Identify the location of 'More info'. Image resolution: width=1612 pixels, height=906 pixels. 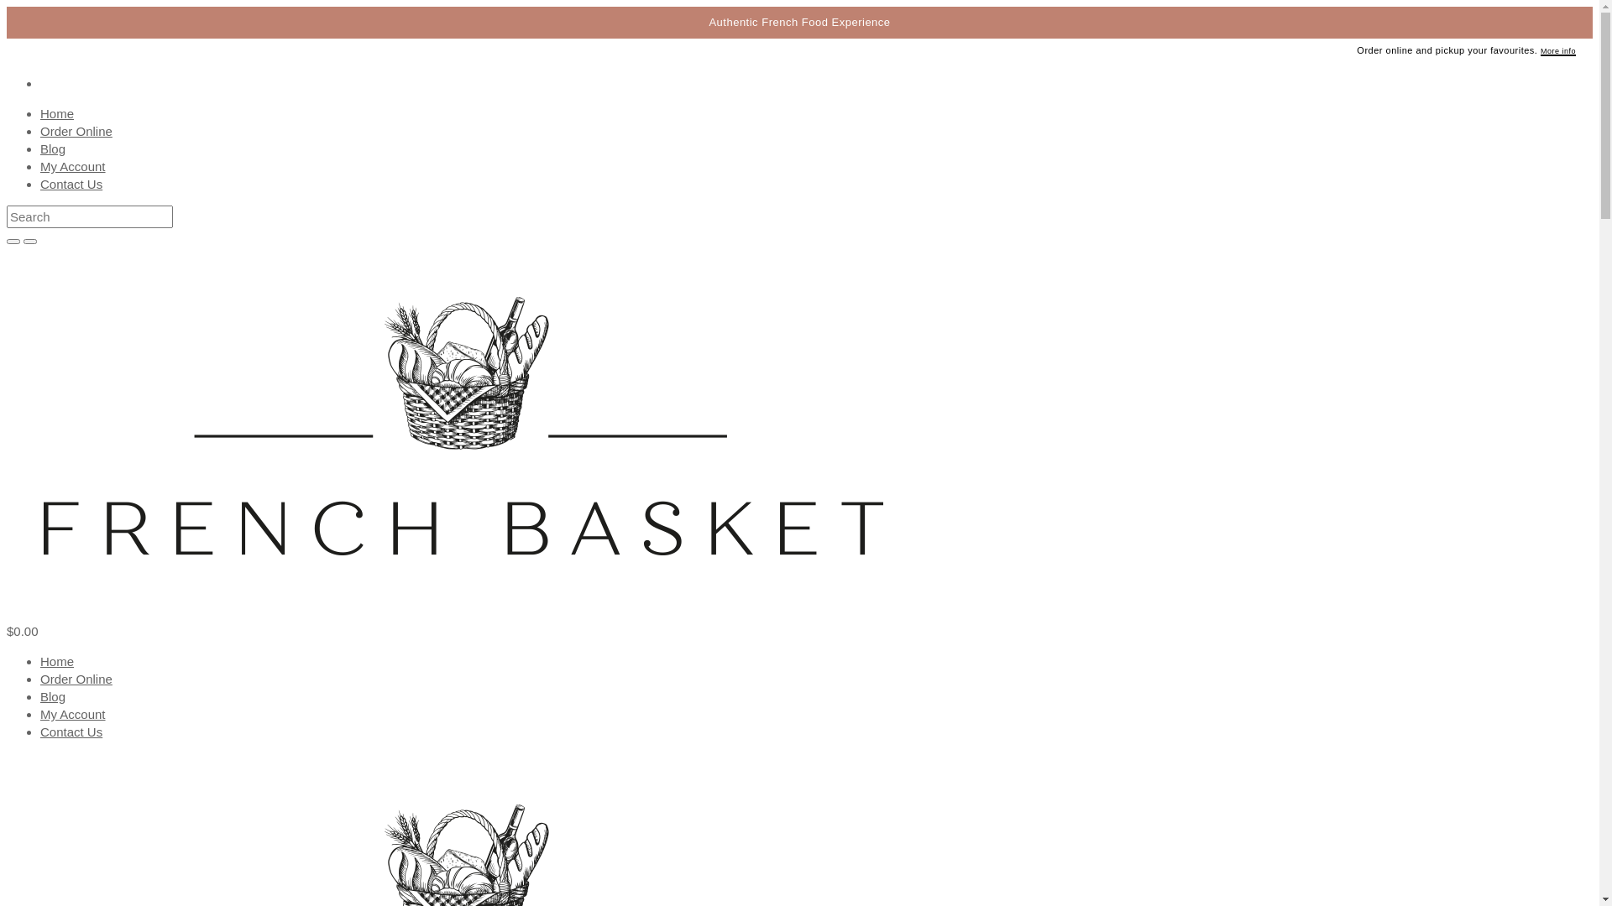
(1557, 50).